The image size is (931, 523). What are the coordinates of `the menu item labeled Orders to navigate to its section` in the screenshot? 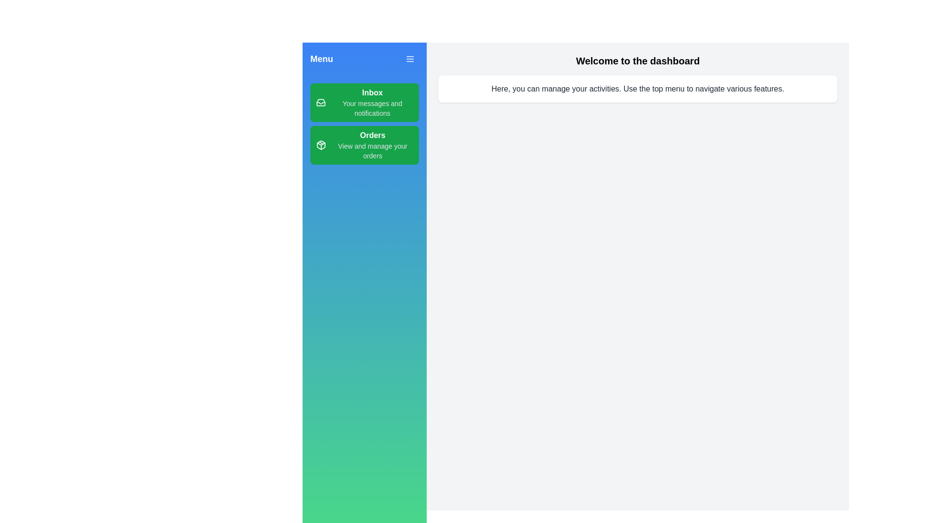 It's located at (364, 145).